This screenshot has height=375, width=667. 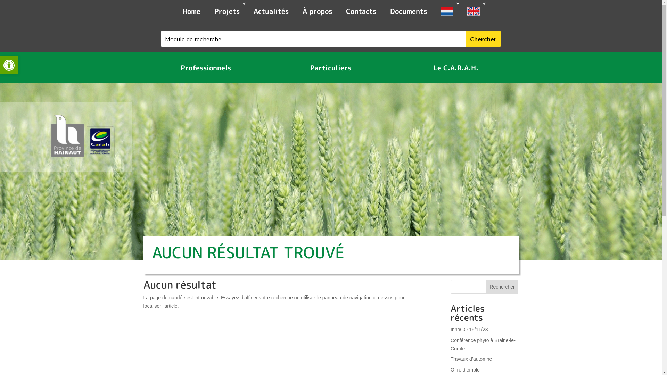 What do you see at coordinates (469, 329) in the screenshot?
I see `'InnoGO 16/11/23'` at bounding box center [469, 329].